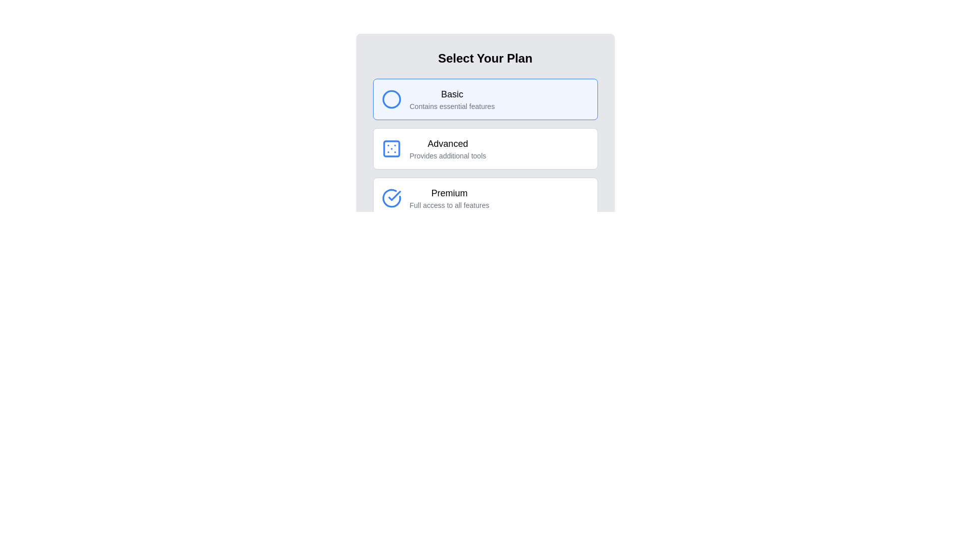  What do you see at coordinates (391, 198) in the screenshot?
I see `the SVG checkmark icon indicating the selection of the 'Premium' plan option, which is located to the left of the plan title 'Premium'` at bounding box center [391, 198].